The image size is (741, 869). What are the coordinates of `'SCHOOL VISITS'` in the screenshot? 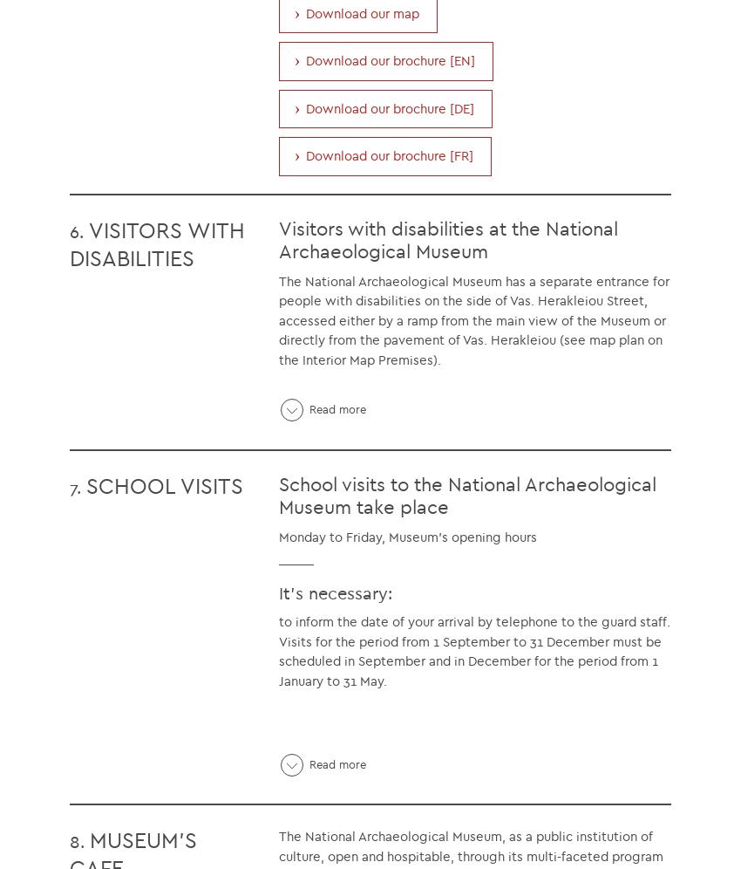 It's located at (164, 483).